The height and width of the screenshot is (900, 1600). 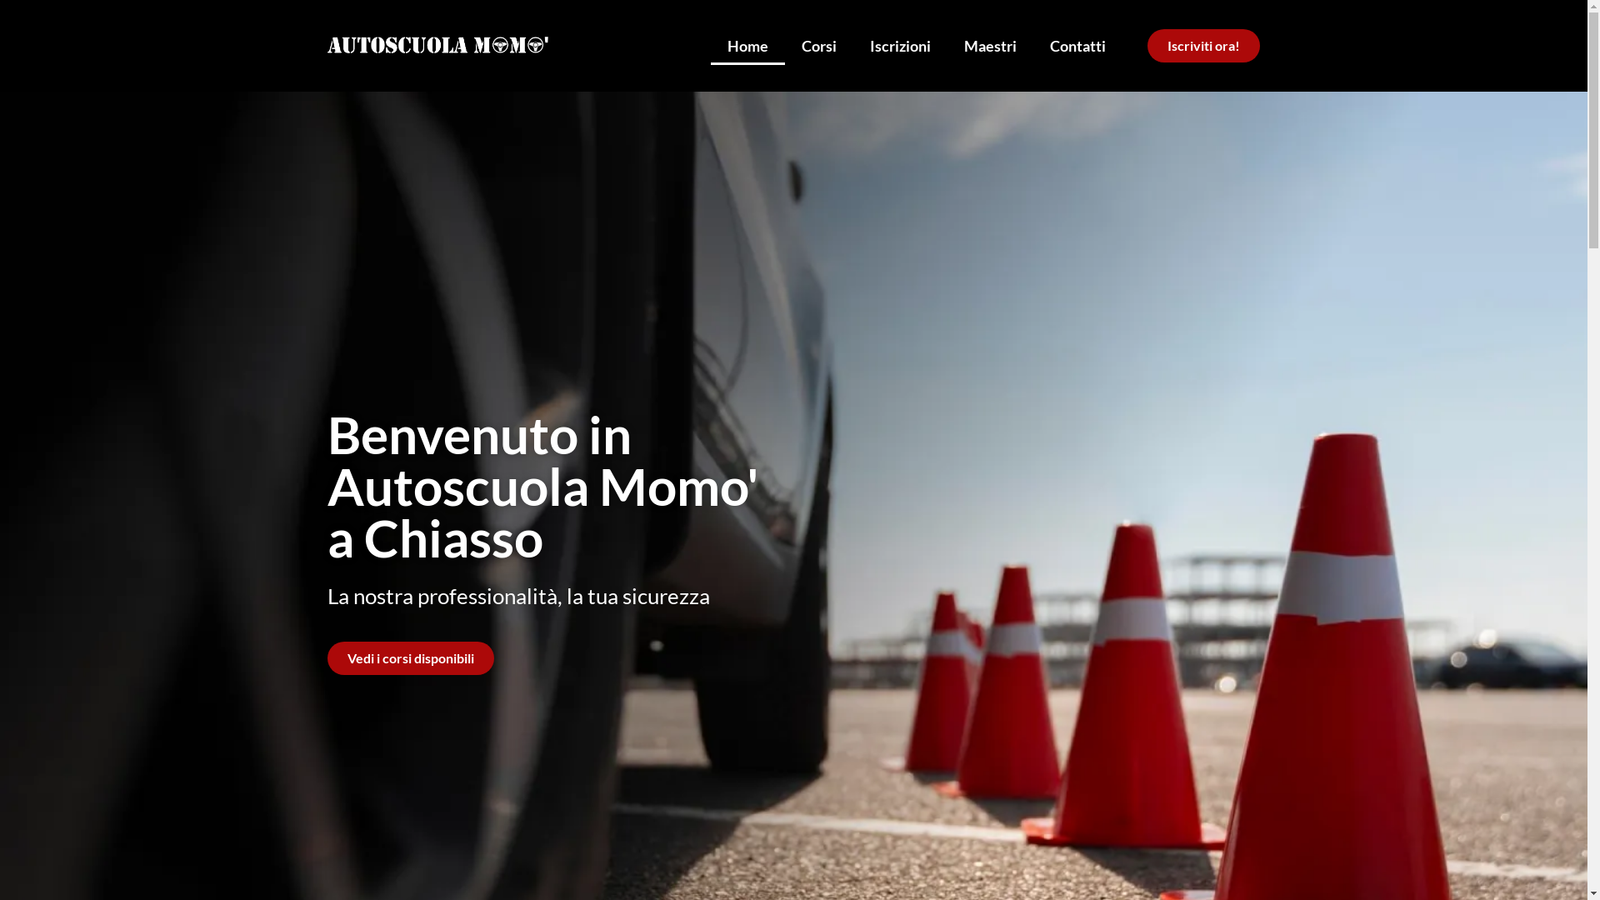 What do you see at coordinates (990, 44) in the screenshot?
I see `'Maestri'` at bounding box center [990, 44].